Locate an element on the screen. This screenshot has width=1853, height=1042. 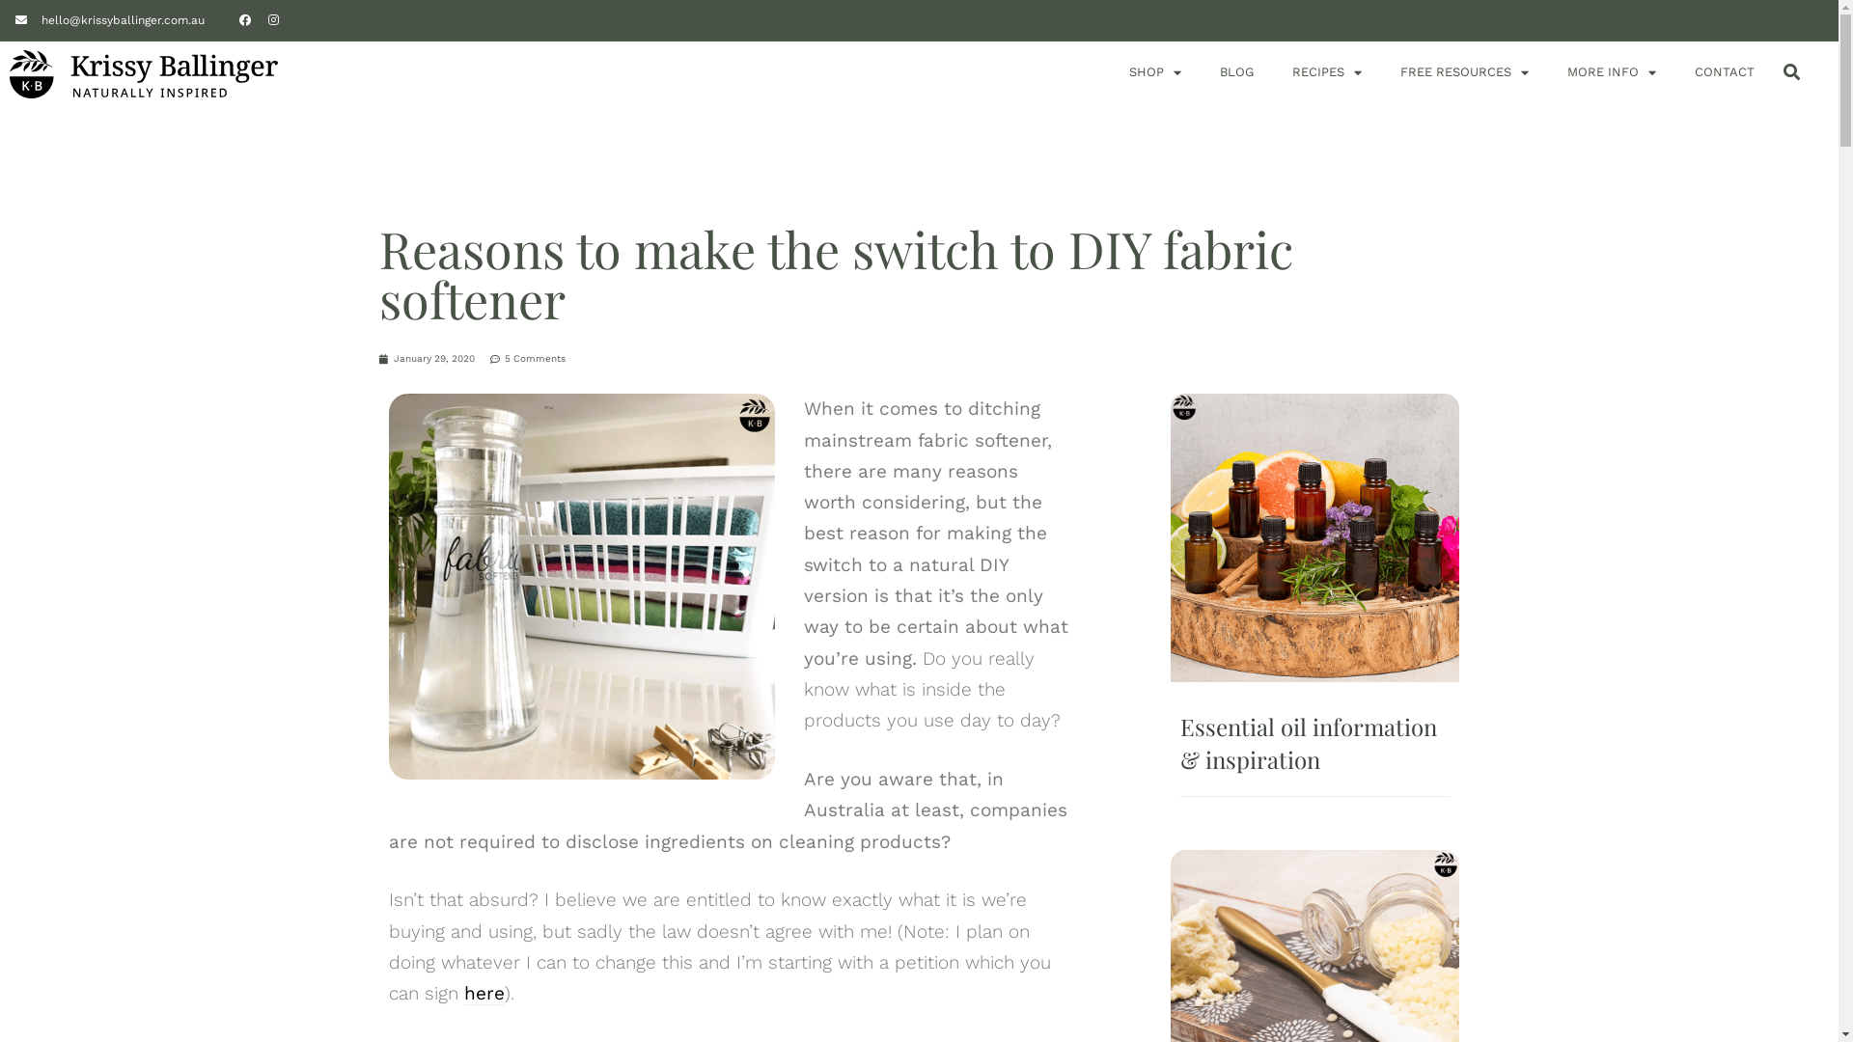
'January 29, 2020' is located at coordinates (425, 358).